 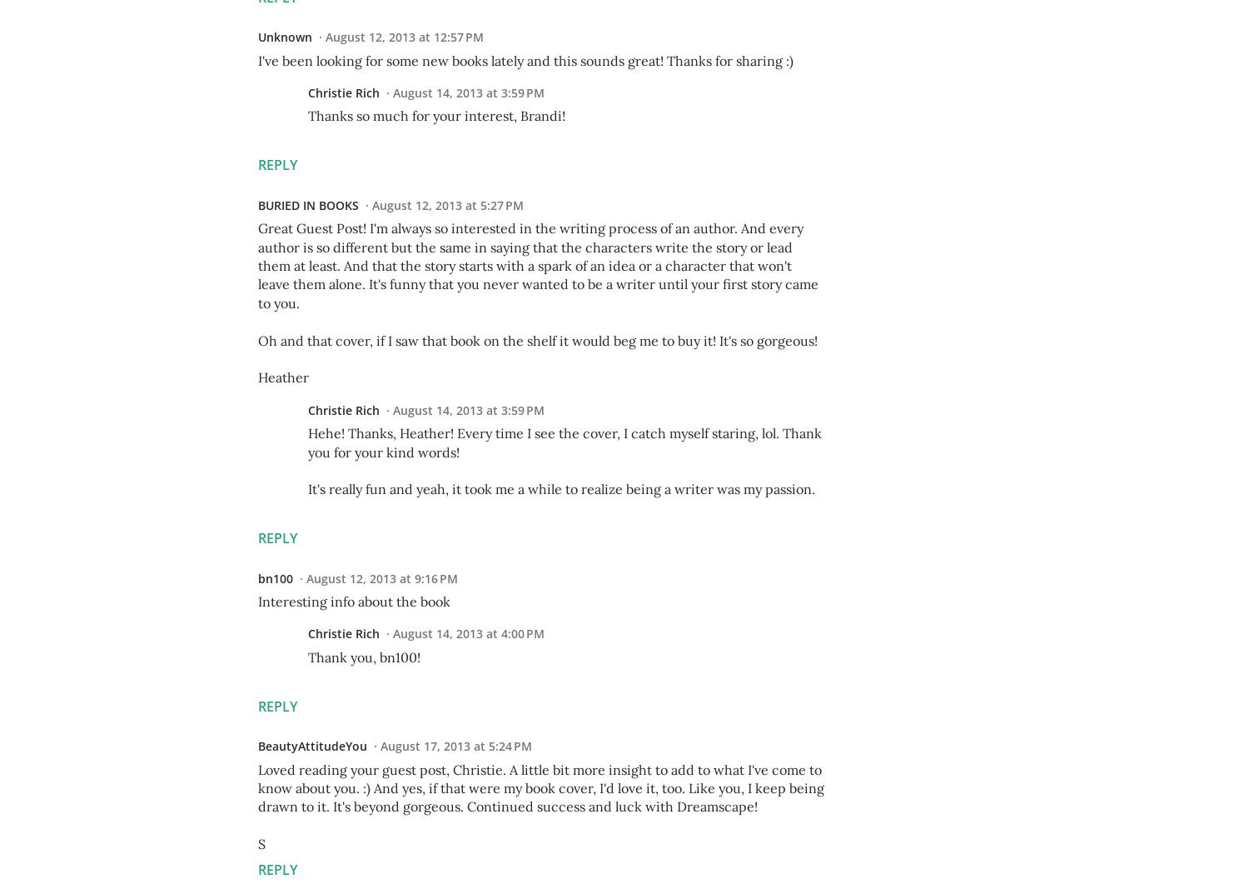 I want to click on 'It's really fun and yeah, it took me a while to realize being a writer was my passion.', so click(x=561, y=488).